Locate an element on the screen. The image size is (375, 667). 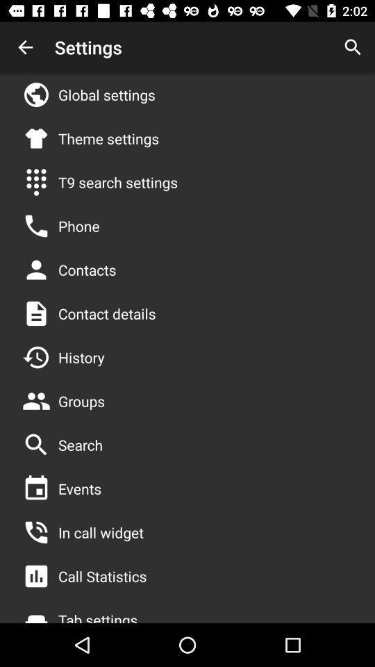
item below phone icon is located at coordinates (87, 269).